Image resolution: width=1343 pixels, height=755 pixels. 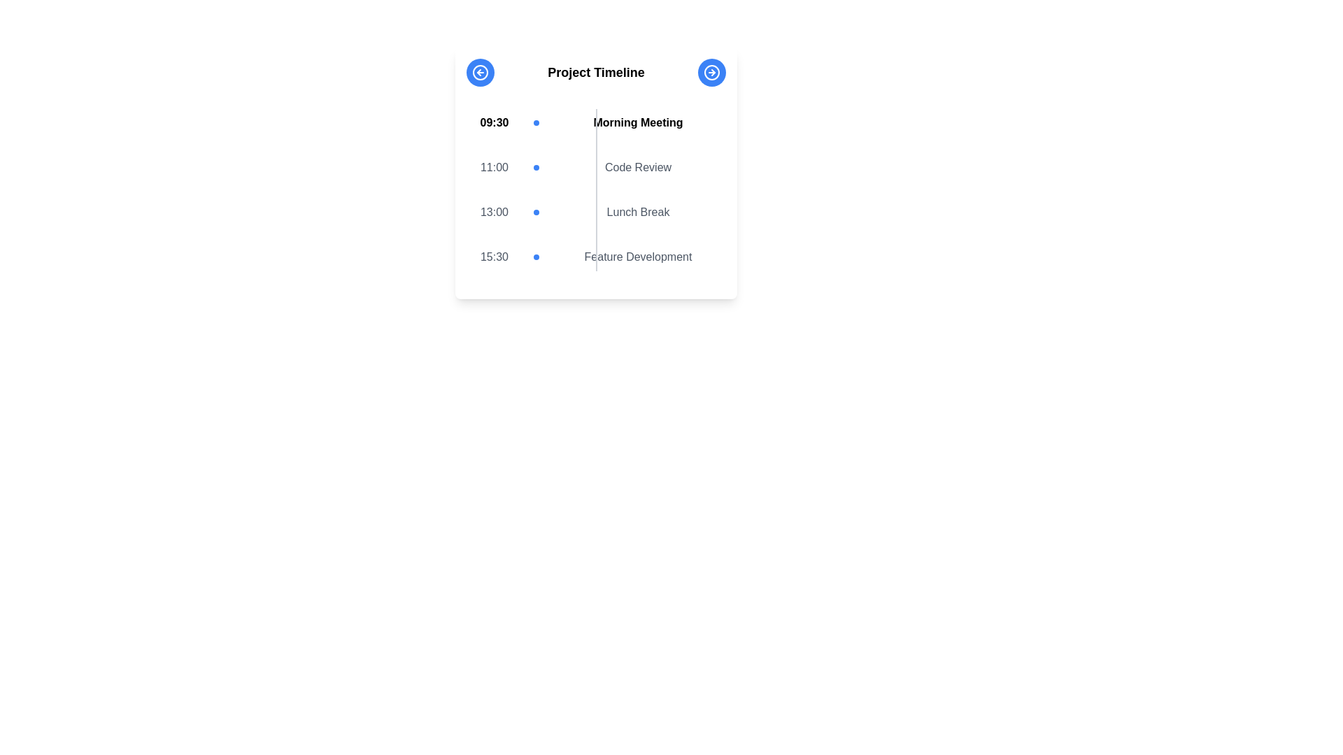 What do you see at coordinates (711, 73) in the screenshot?
I see `the circular blue-bordered icon with a right-pointing arrow, located at the top-right corner of the central panel next to the 'Project Timeline' header` at bounding box center [711, 73].